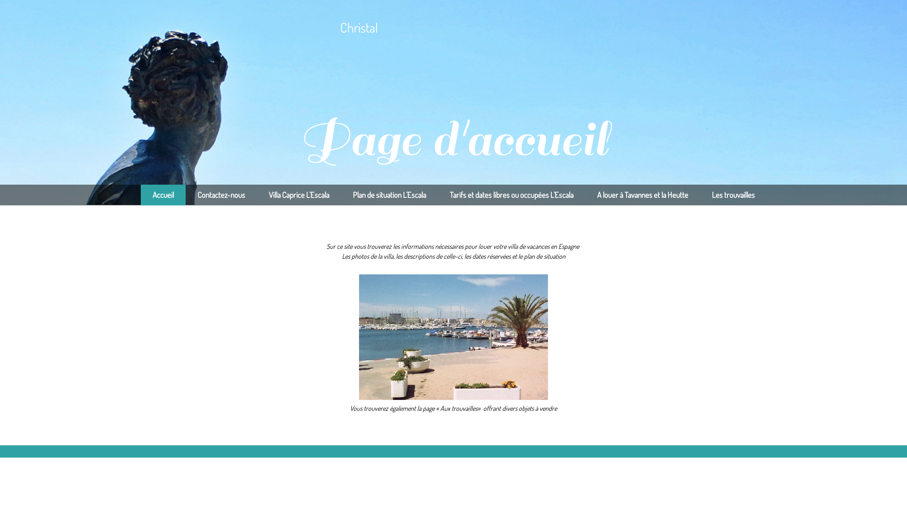 The height and width of the screenshot is (510, 907). Describe the element at coordinates (220, 194) in the screenshot. I see `'Contactez-nous'` at that location.